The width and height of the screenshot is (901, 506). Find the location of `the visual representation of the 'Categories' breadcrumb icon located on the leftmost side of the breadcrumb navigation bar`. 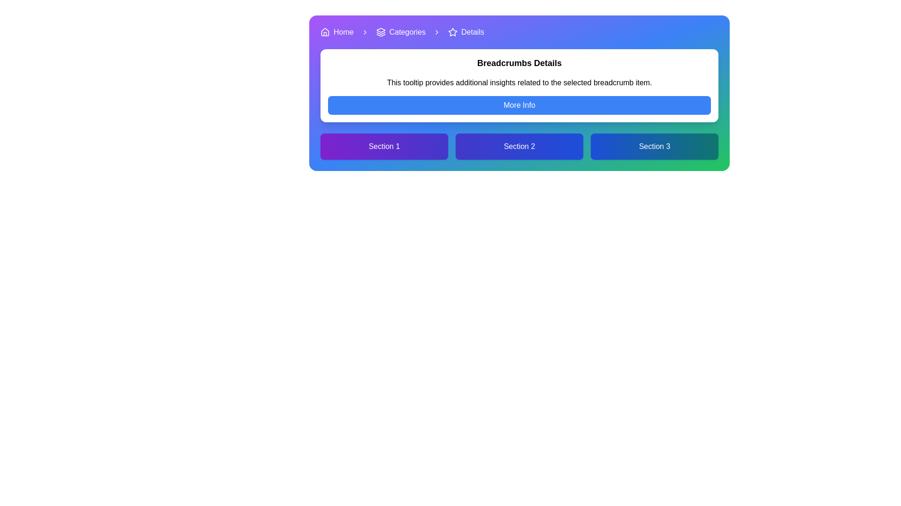

the visual representation of the 'Categories' breadcrumb icon located on the leftmost side of the breadcrumb navigation bar is located at coordinates (381, 32).